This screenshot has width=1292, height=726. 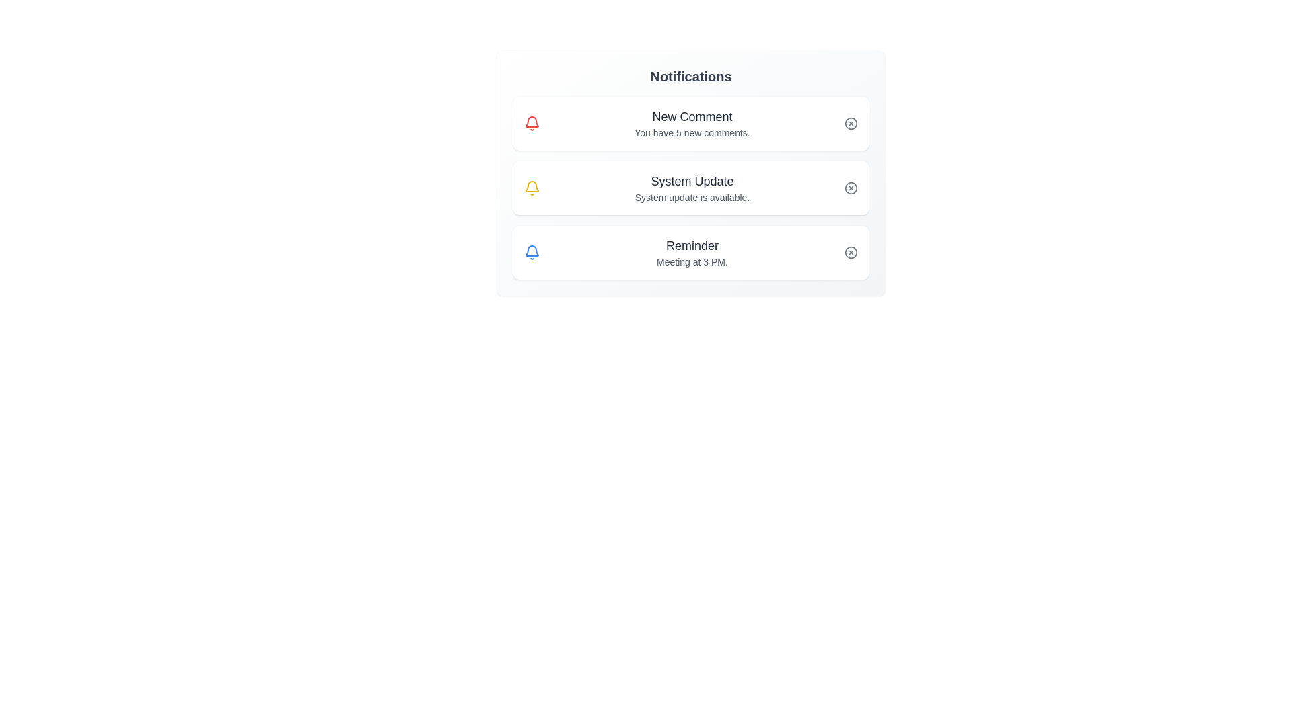 What do you see at coordinates (532, 124) in the screenshot?
I see `the red bell icon, which signifies notifications or alerts, located to the left of the 'New Comment' text in the first notification block` at bounding box center [532, 124].